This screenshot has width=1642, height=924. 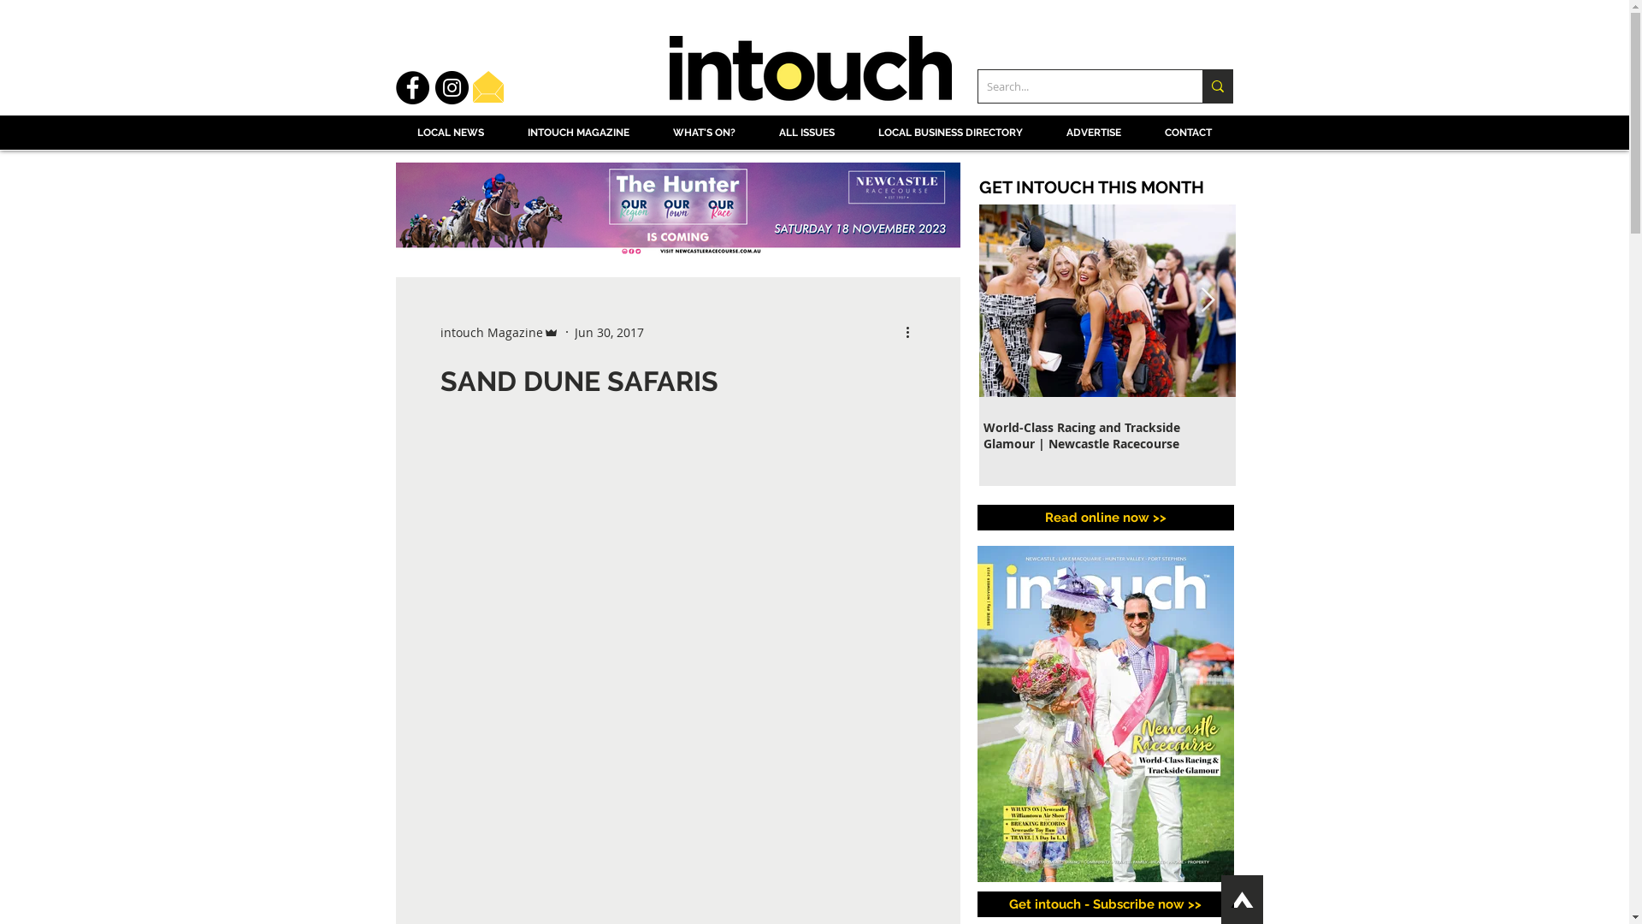 What do you see at coordinates (1188, 137) in the screenshot?
I see `'CONTACT'` at bounding box center [1188, 137].